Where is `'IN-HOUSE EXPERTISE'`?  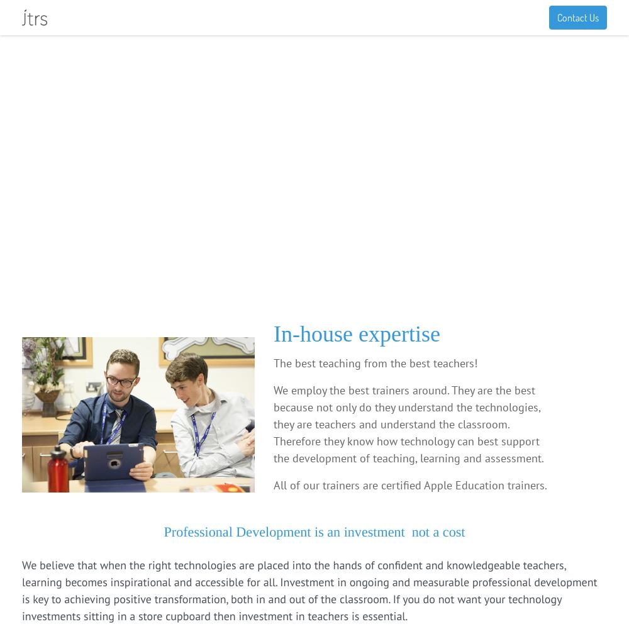
'IN-HOUSE EXPERTISE' is located at coordinates (68, 158).